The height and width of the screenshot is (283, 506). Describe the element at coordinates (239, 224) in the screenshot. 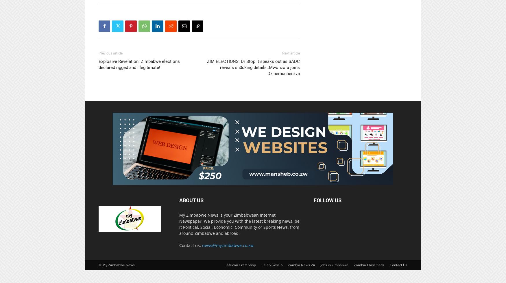

I see `'My Zimbabwe News is your Zimbabwean Internet Newspaper. We provide you with the latest breaking news, be it Political, Social, Economic, Community or Sports News, from around Zimbabwe and abroad.'` at that location.